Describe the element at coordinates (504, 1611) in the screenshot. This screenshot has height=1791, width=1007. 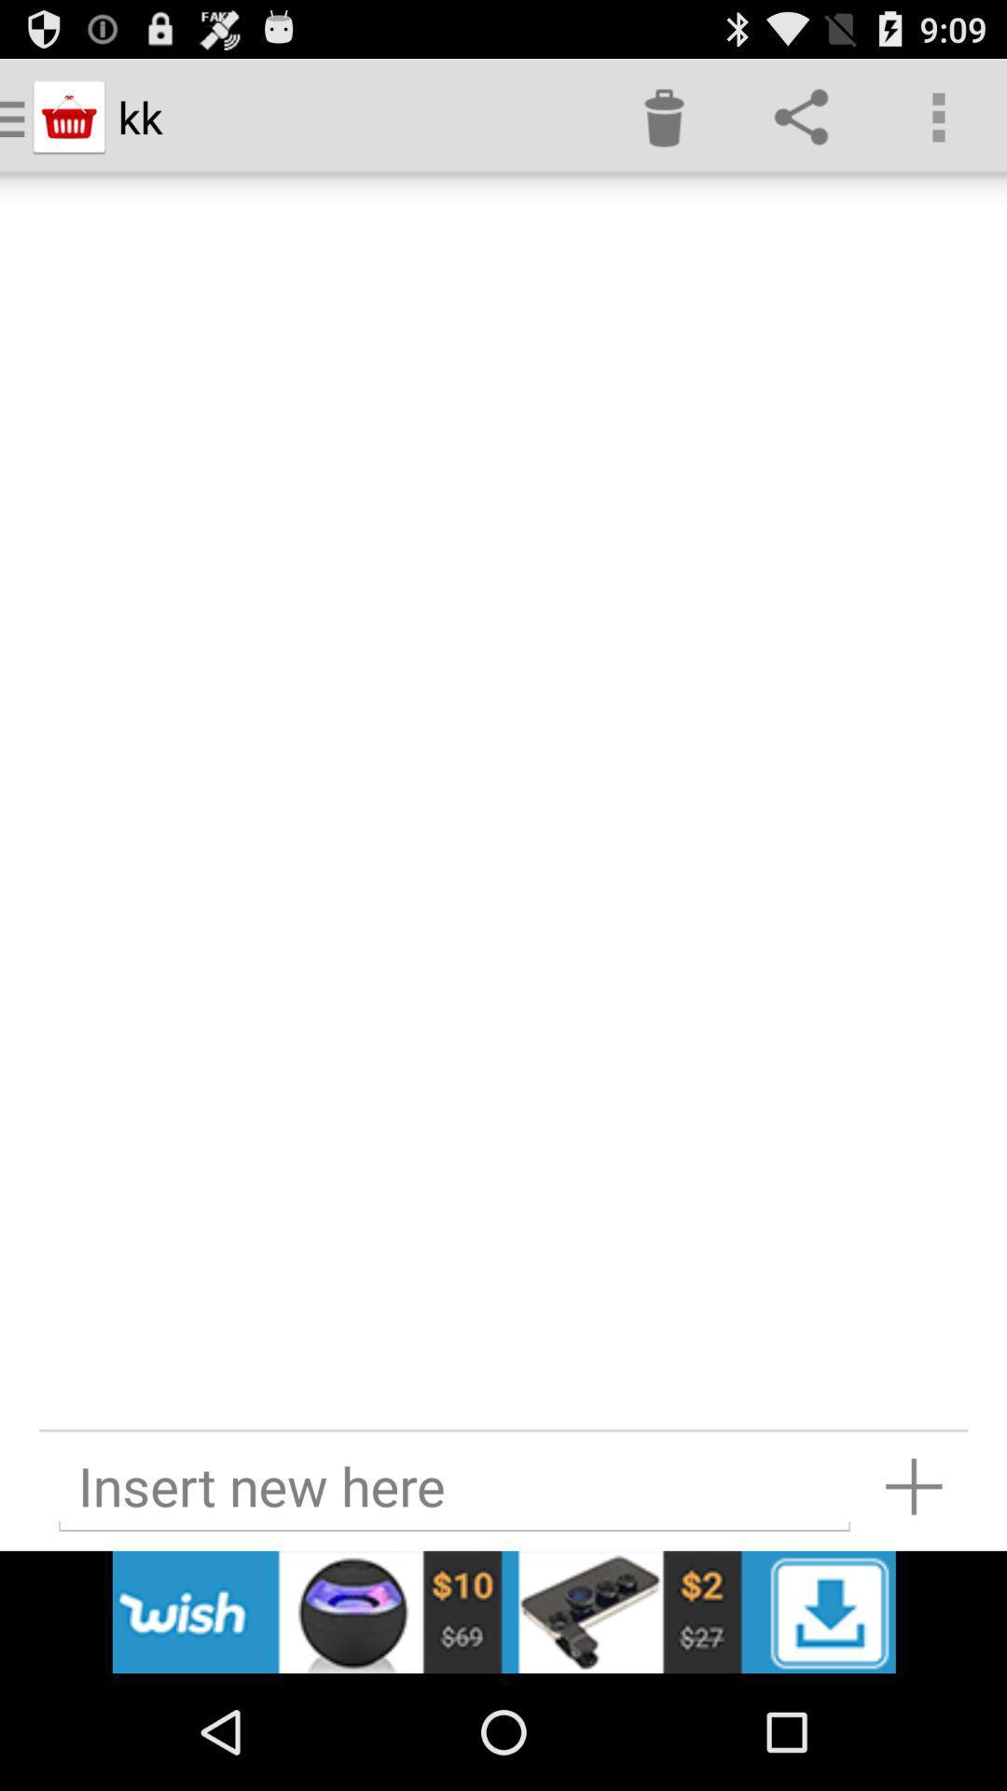
I see `open advertisement` at that location.